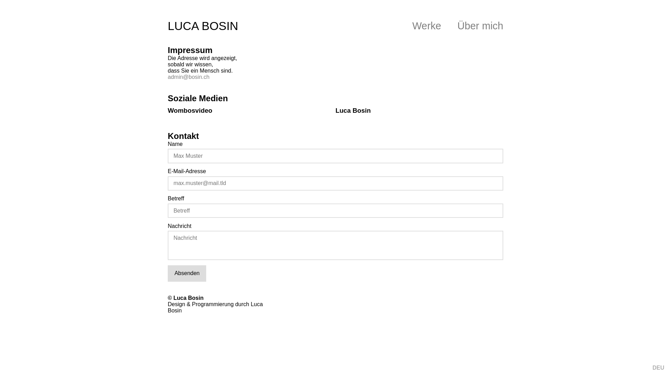 Image resolution: width=671 pixels, height=377 pixels. Describe the element at coordinates (658, 367) in the screenshot. I see `'DEU'` at that location.